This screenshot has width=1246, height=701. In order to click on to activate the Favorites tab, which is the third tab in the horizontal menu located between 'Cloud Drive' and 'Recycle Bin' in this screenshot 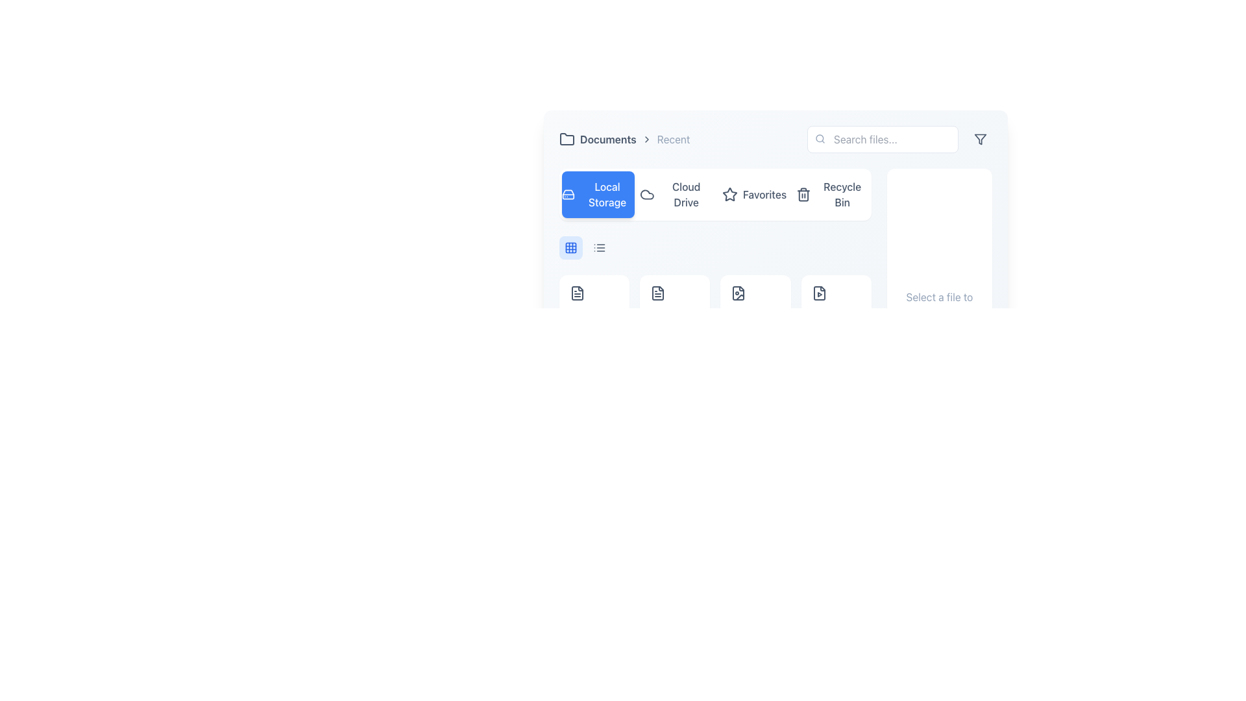, I will do `click(776, 201)`.